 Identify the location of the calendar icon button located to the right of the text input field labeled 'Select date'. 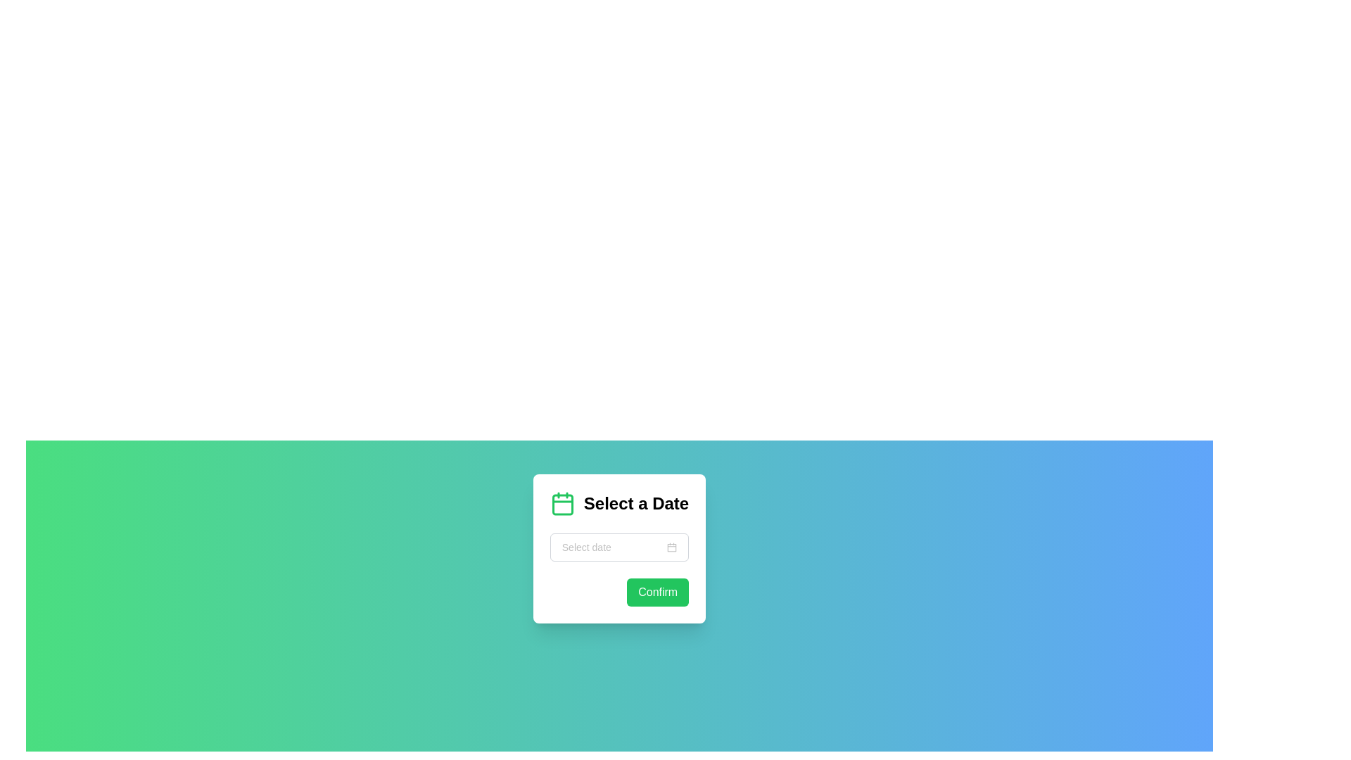
(671, 547).